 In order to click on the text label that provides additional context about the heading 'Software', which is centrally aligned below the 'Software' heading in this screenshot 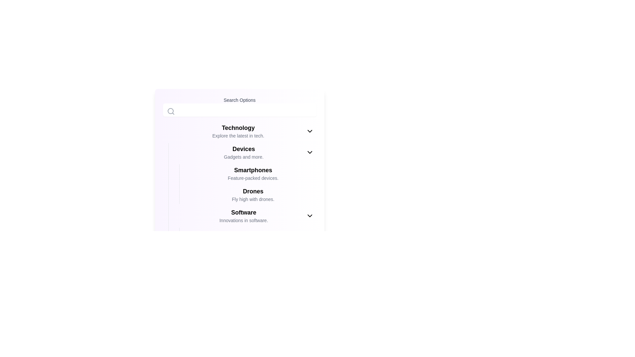, I will do `click(243, 220)`.